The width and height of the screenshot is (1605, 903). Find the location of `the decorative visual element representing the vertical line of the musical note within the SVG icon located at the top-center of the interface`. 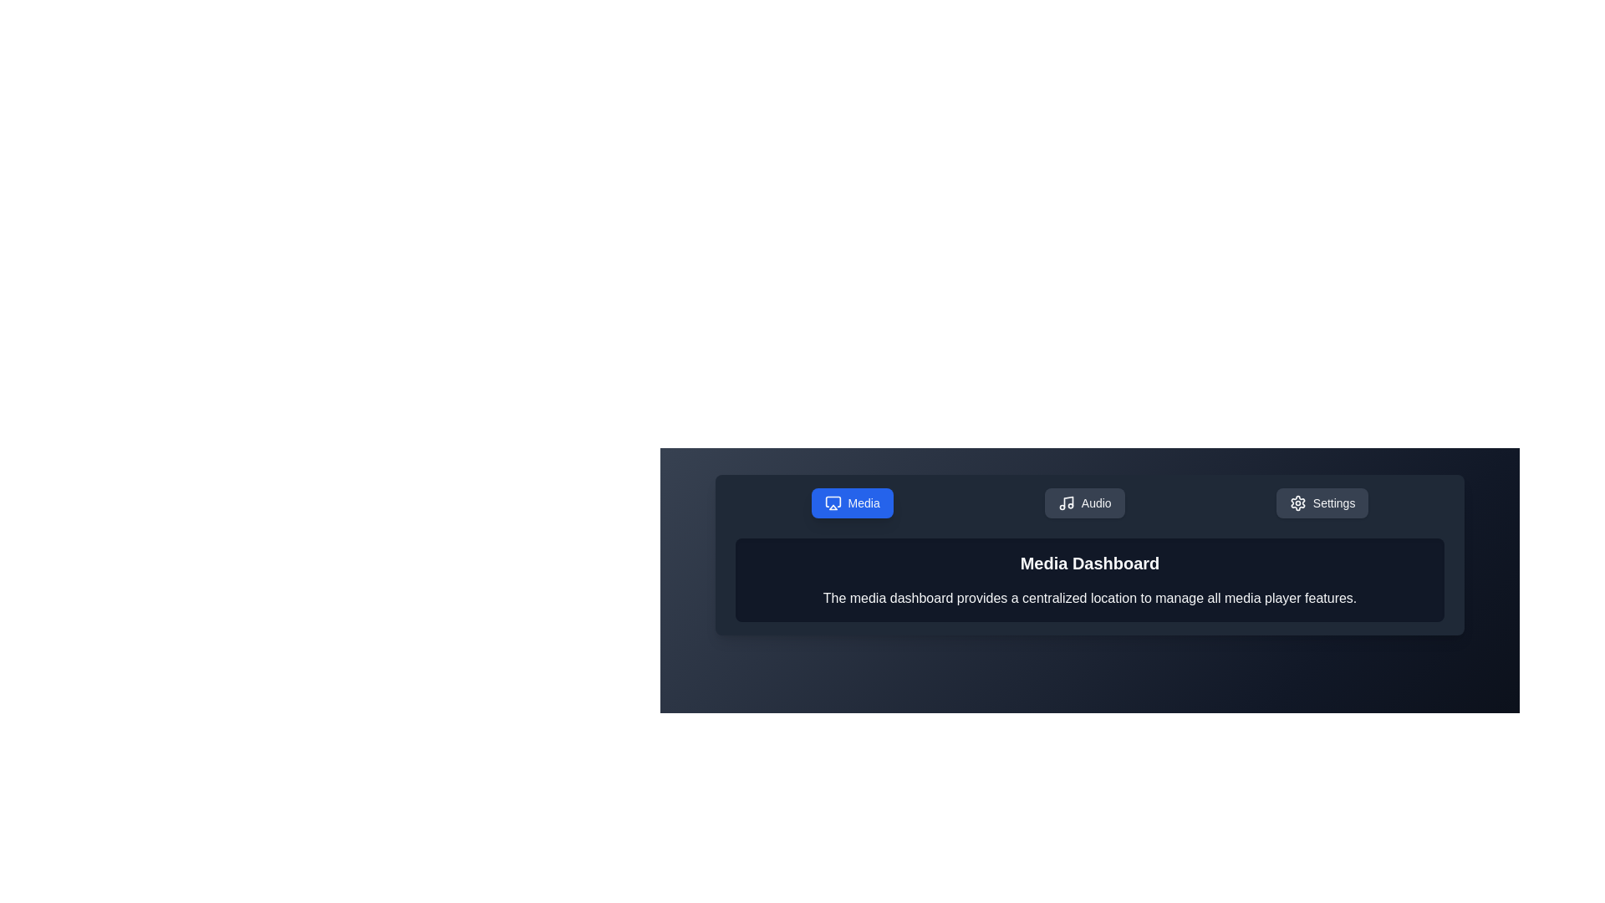

the decorative visual element representing the vertical line of the musical note within the SVG icon located at the top-center of the interface is located at coordinates (1067, 501).